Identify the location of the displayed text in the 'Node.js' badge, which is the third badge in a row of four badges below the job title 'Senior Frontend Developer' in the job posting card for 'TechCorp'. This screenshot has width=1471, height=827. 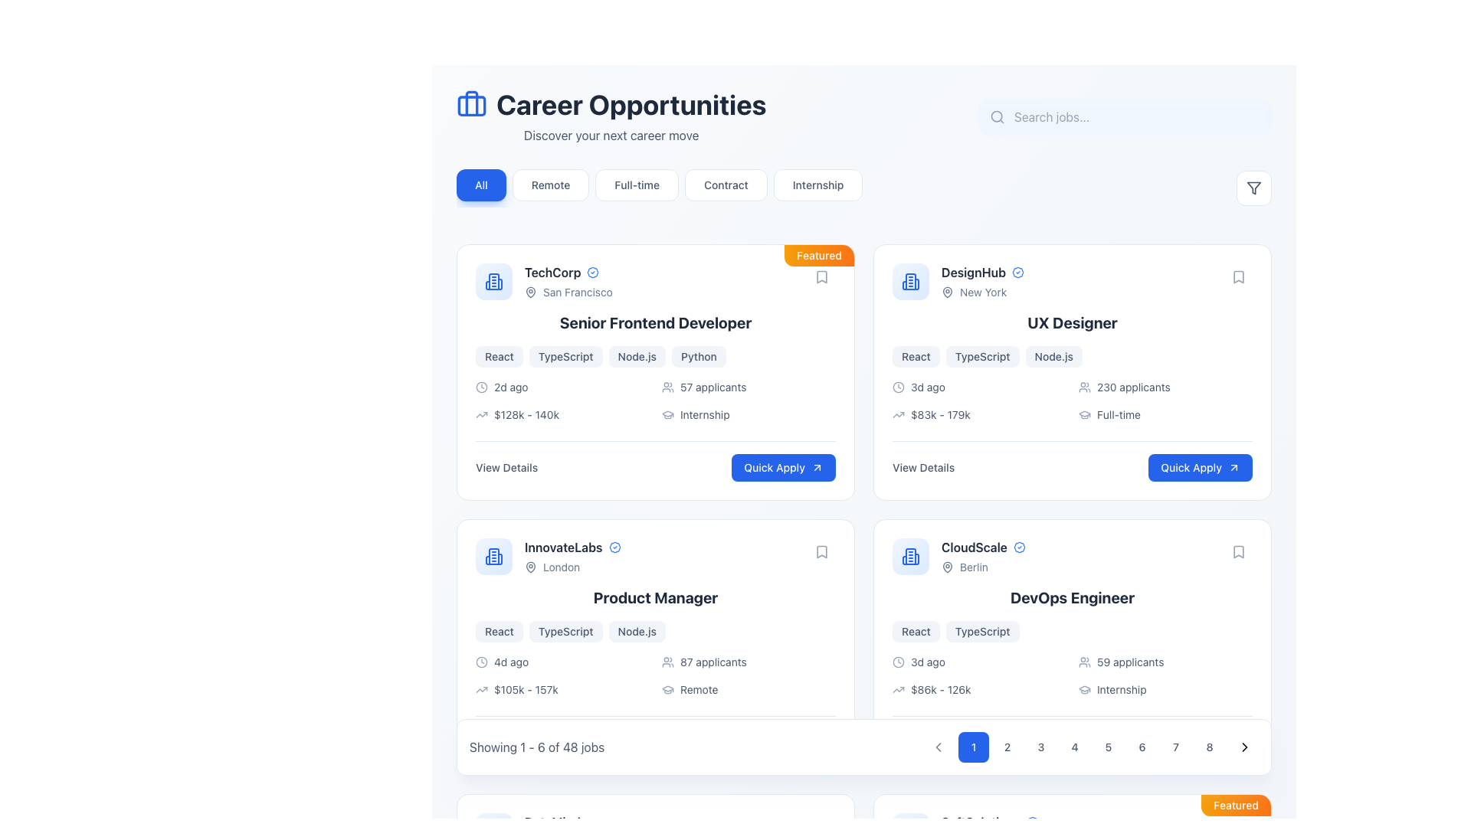
(637, 357).